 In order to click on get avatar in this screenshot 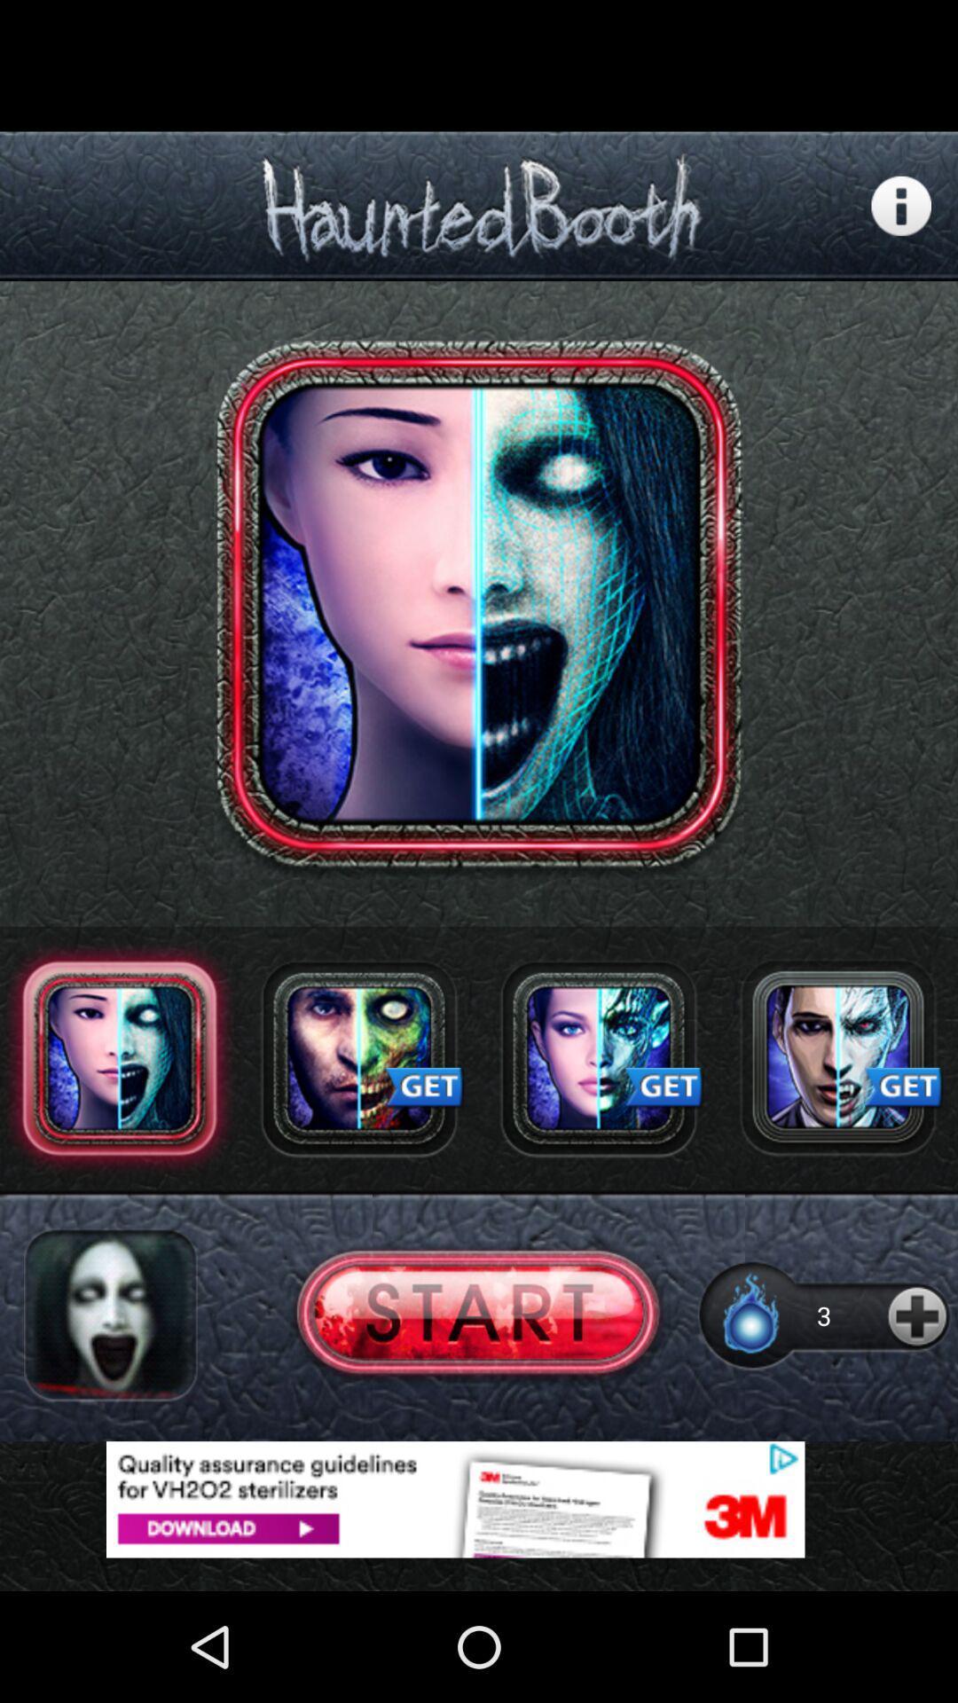, I will do `click(838, 1058)`.